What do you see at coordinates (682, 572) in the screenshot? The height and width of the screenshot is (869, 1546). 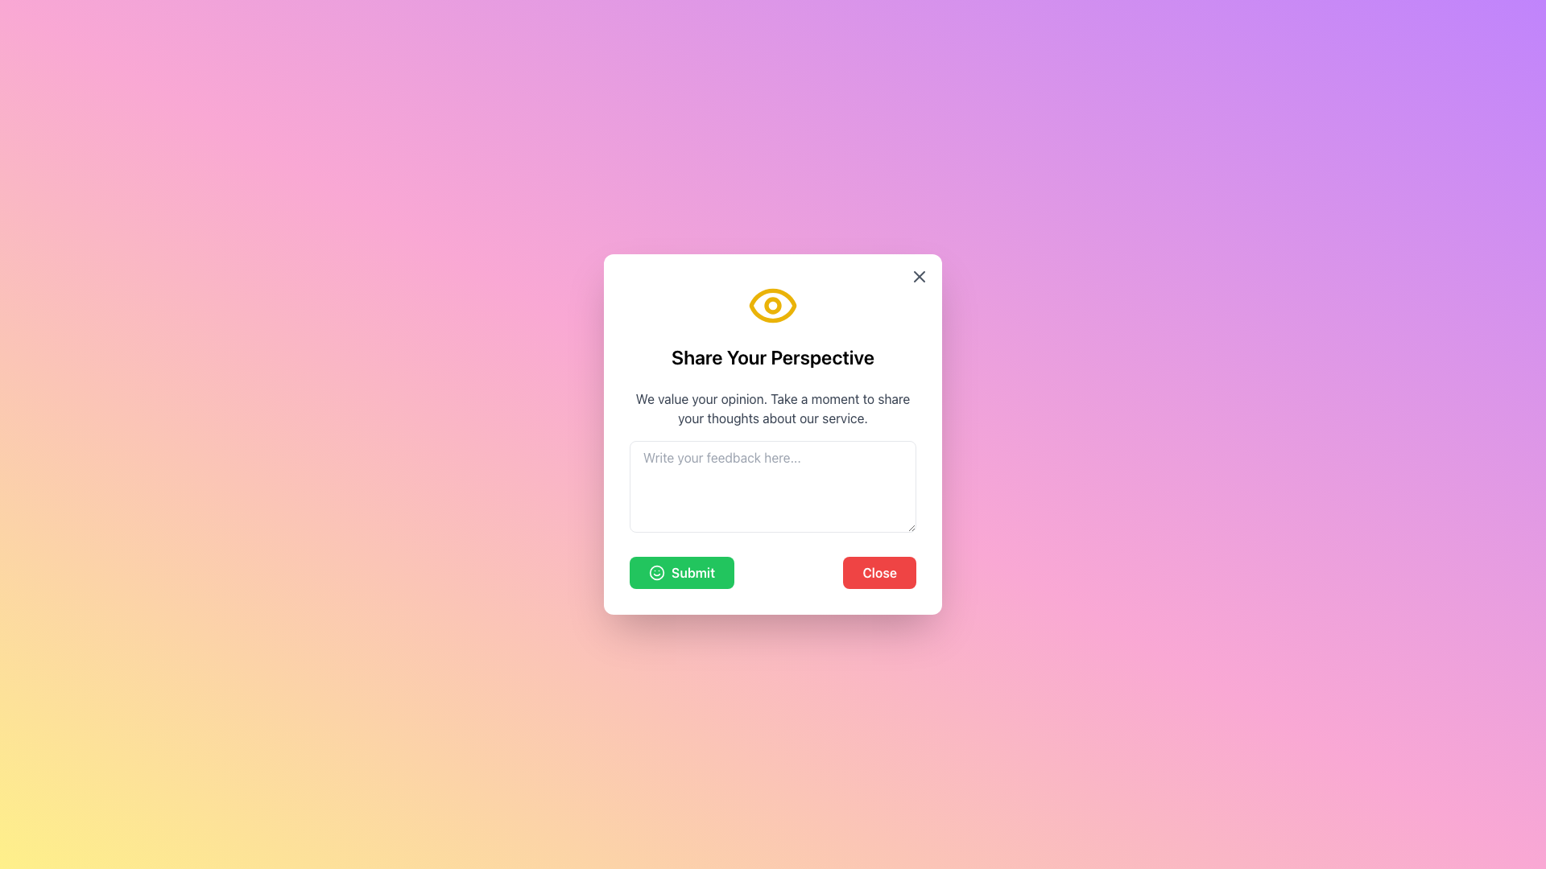 I see `the green 'Submit' button with rounded corners and white text to observe its hover effects` at bounding box center [682, 572].